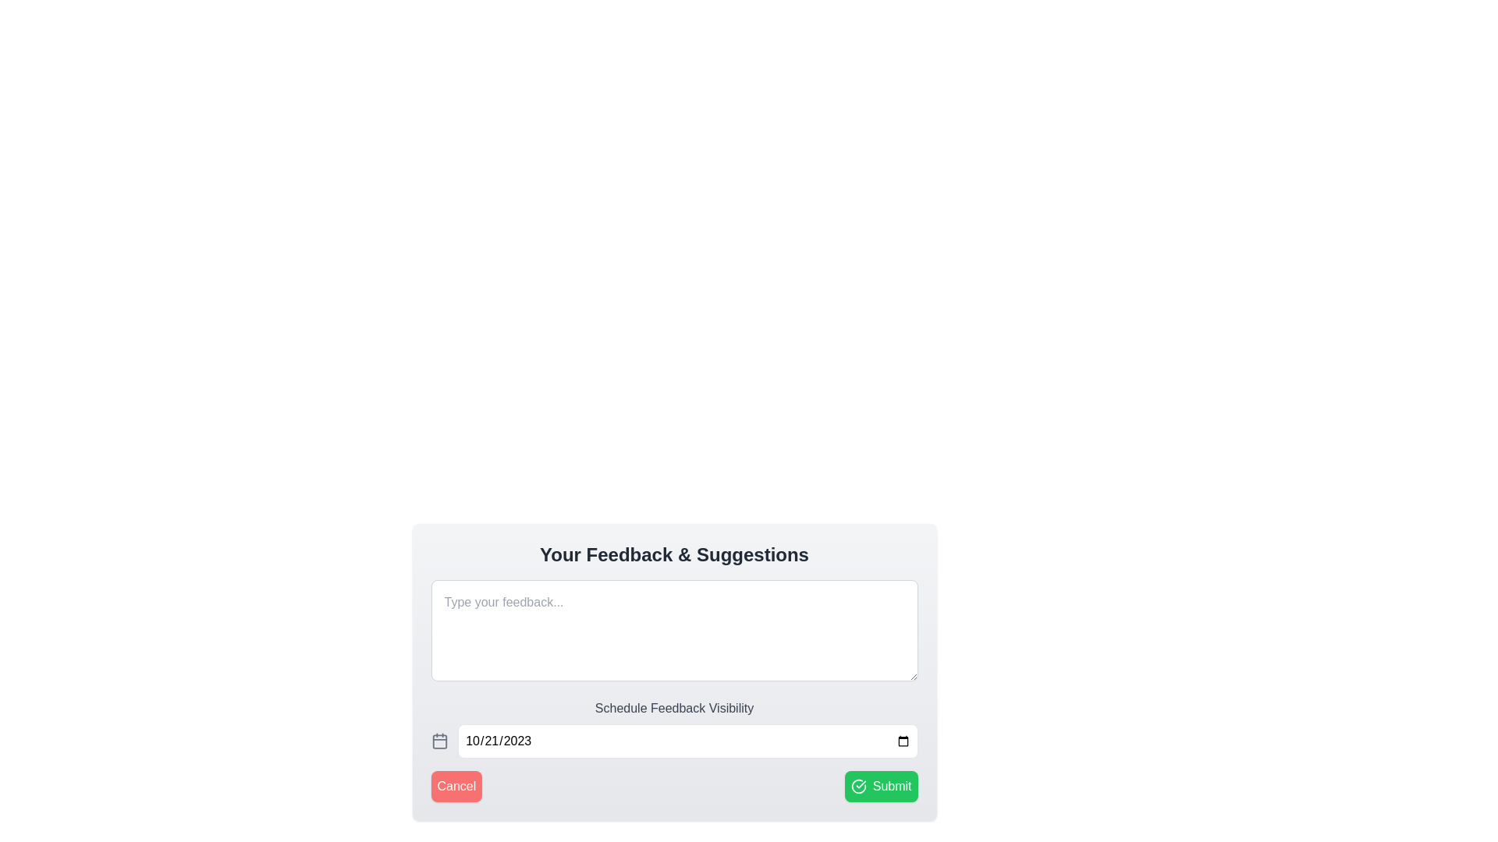 This screenshot has width=1498, height=842. I want to click on the checkmark icon within the 'Submit' button, which is located at the right-most position of the form, so click(857, 787).